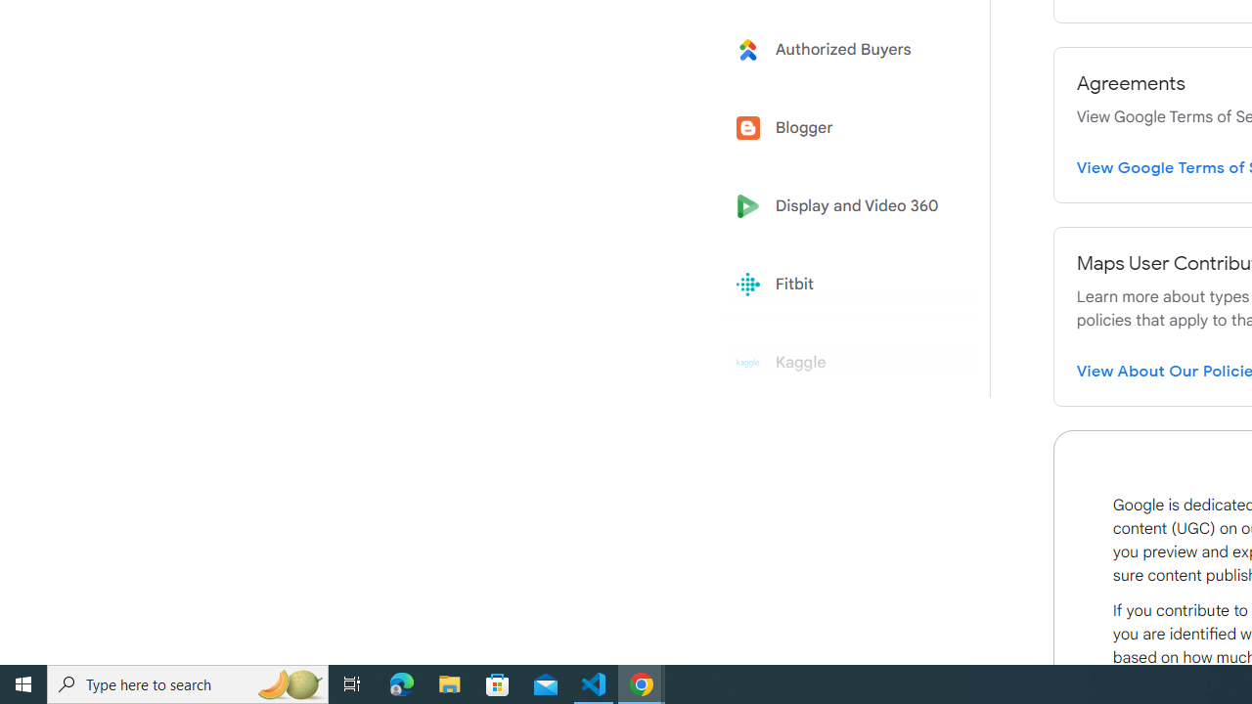 This screenshot has width=1252, height=704. I want to click on 'Fitbit', so click(843, 285).